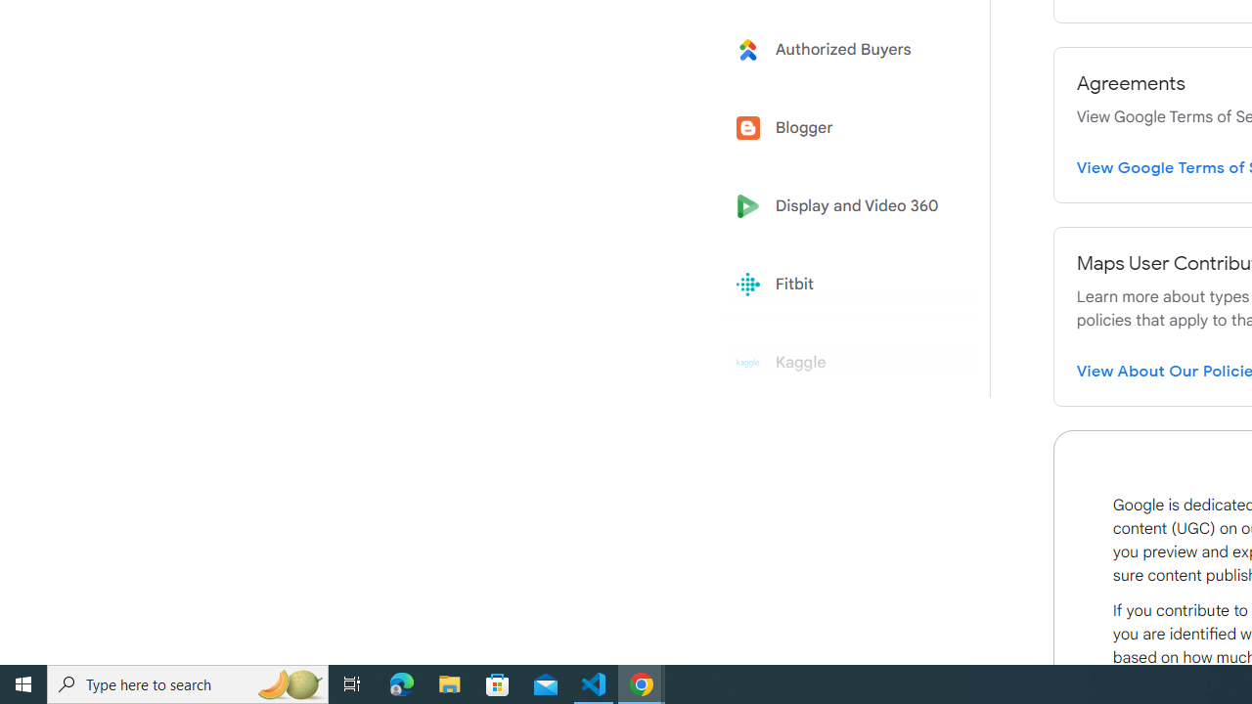 This screenshot has width=1252, height=704. I want to click on 'Fitbit', so click(843, 285).